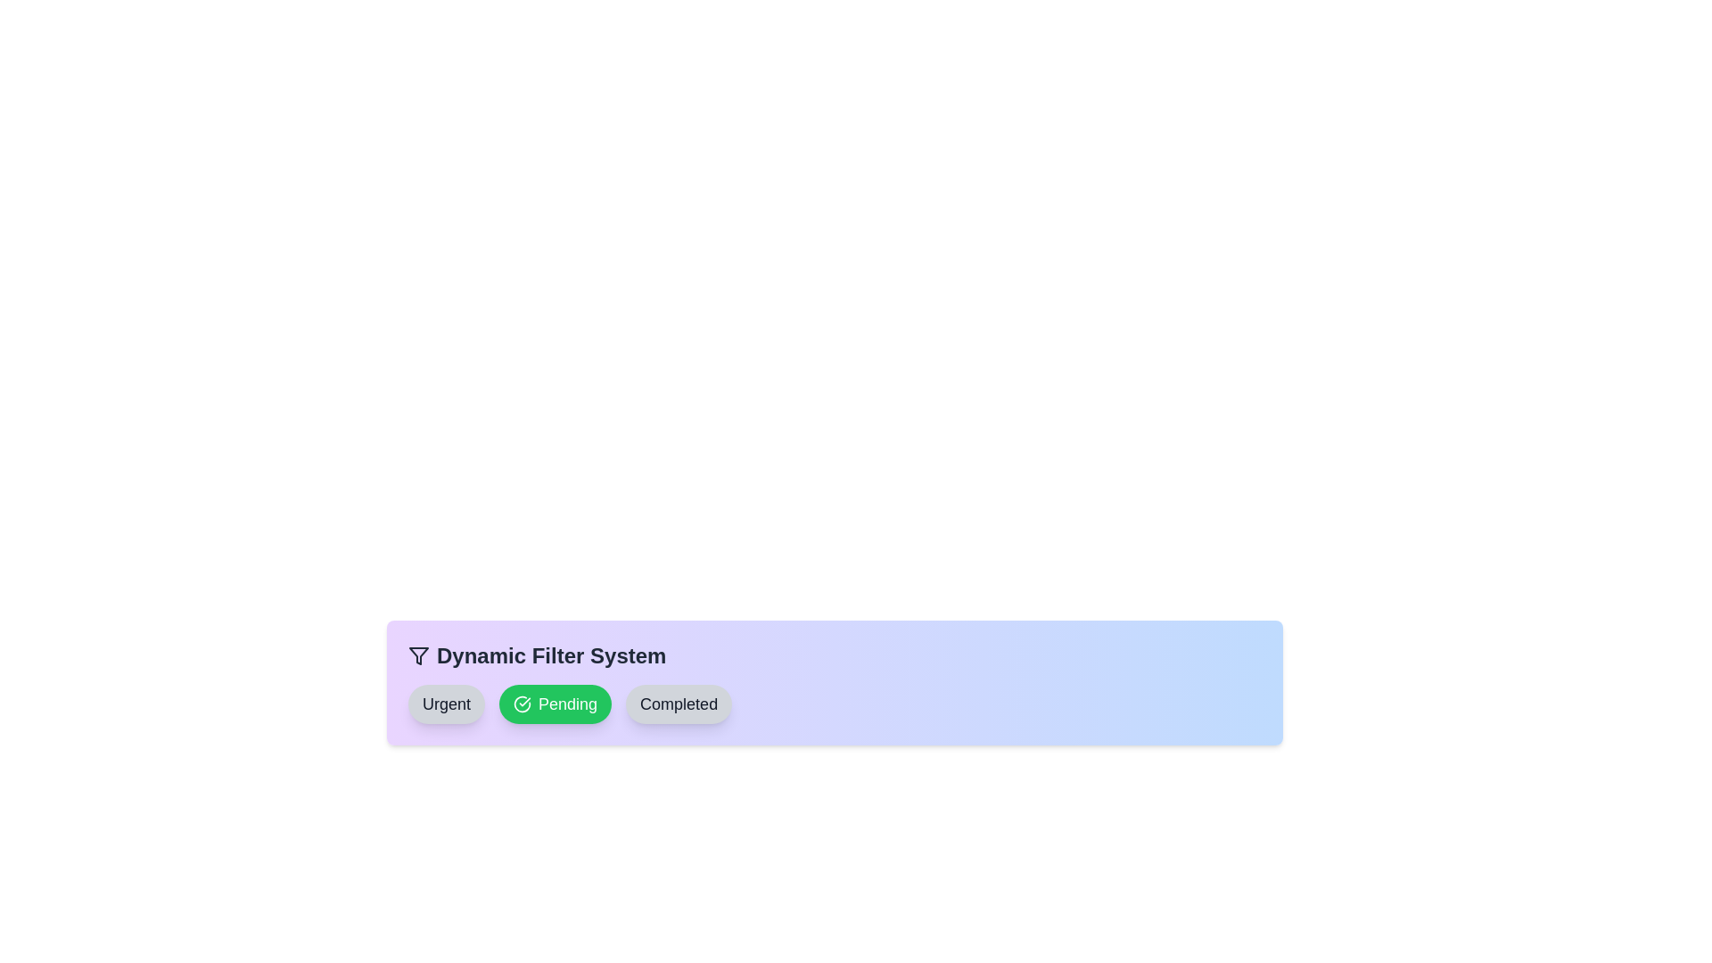 The height and width of the screenshot is (963, 1712). Describe the element at coordinates (446, 704) in the screenshot. I see `the filter chip labeled Urgent` at that location.